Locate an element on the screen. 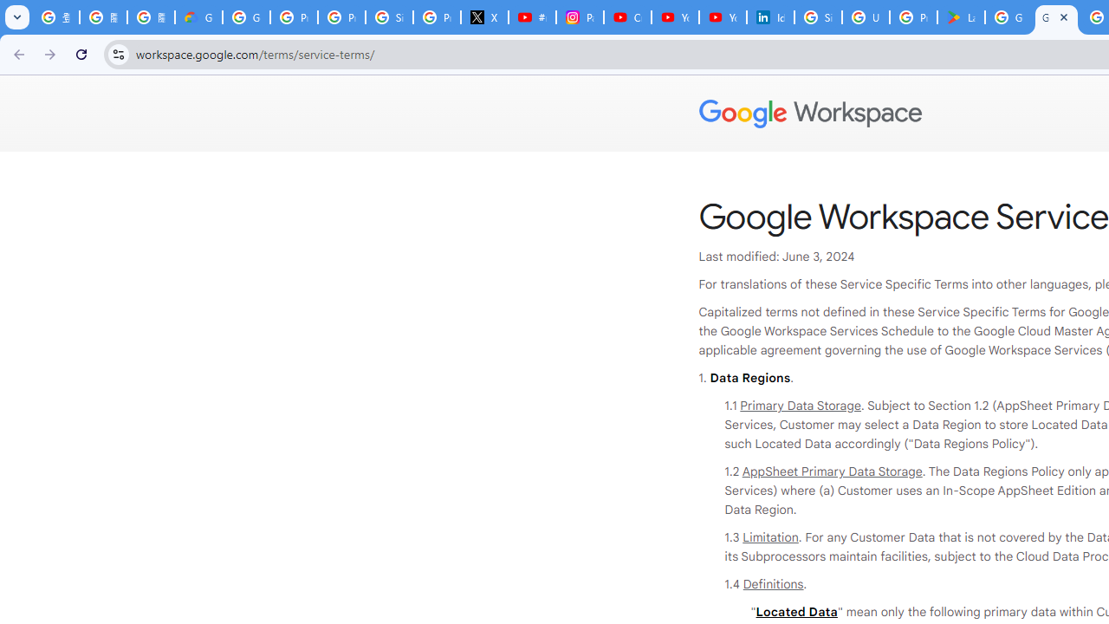 The image size is (1109, 624). 'X' is located at coordinates (485, 17).